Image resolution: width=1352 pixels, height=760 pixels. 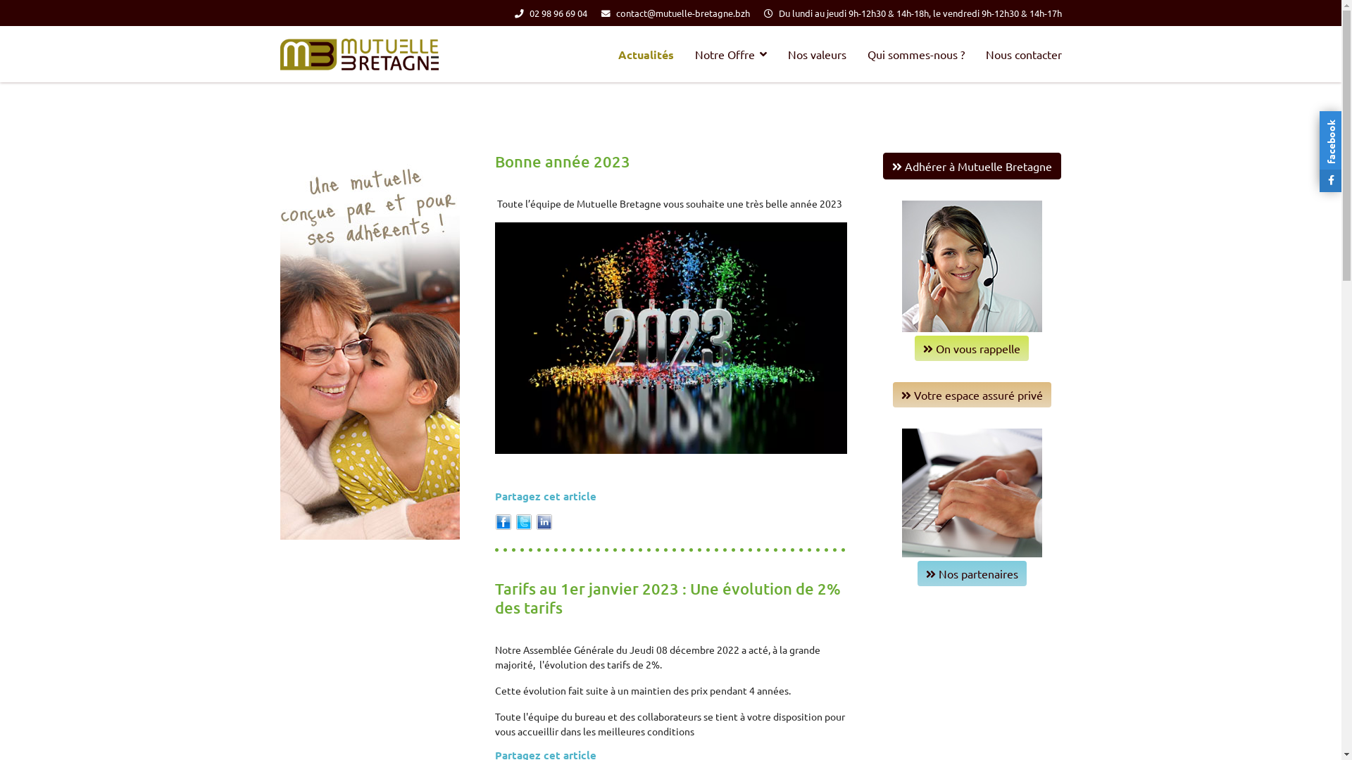 What do you see at coordinates (973, 53) in the screenshot?
I see `'Nous contacter'` at bounding box center [973, 53].